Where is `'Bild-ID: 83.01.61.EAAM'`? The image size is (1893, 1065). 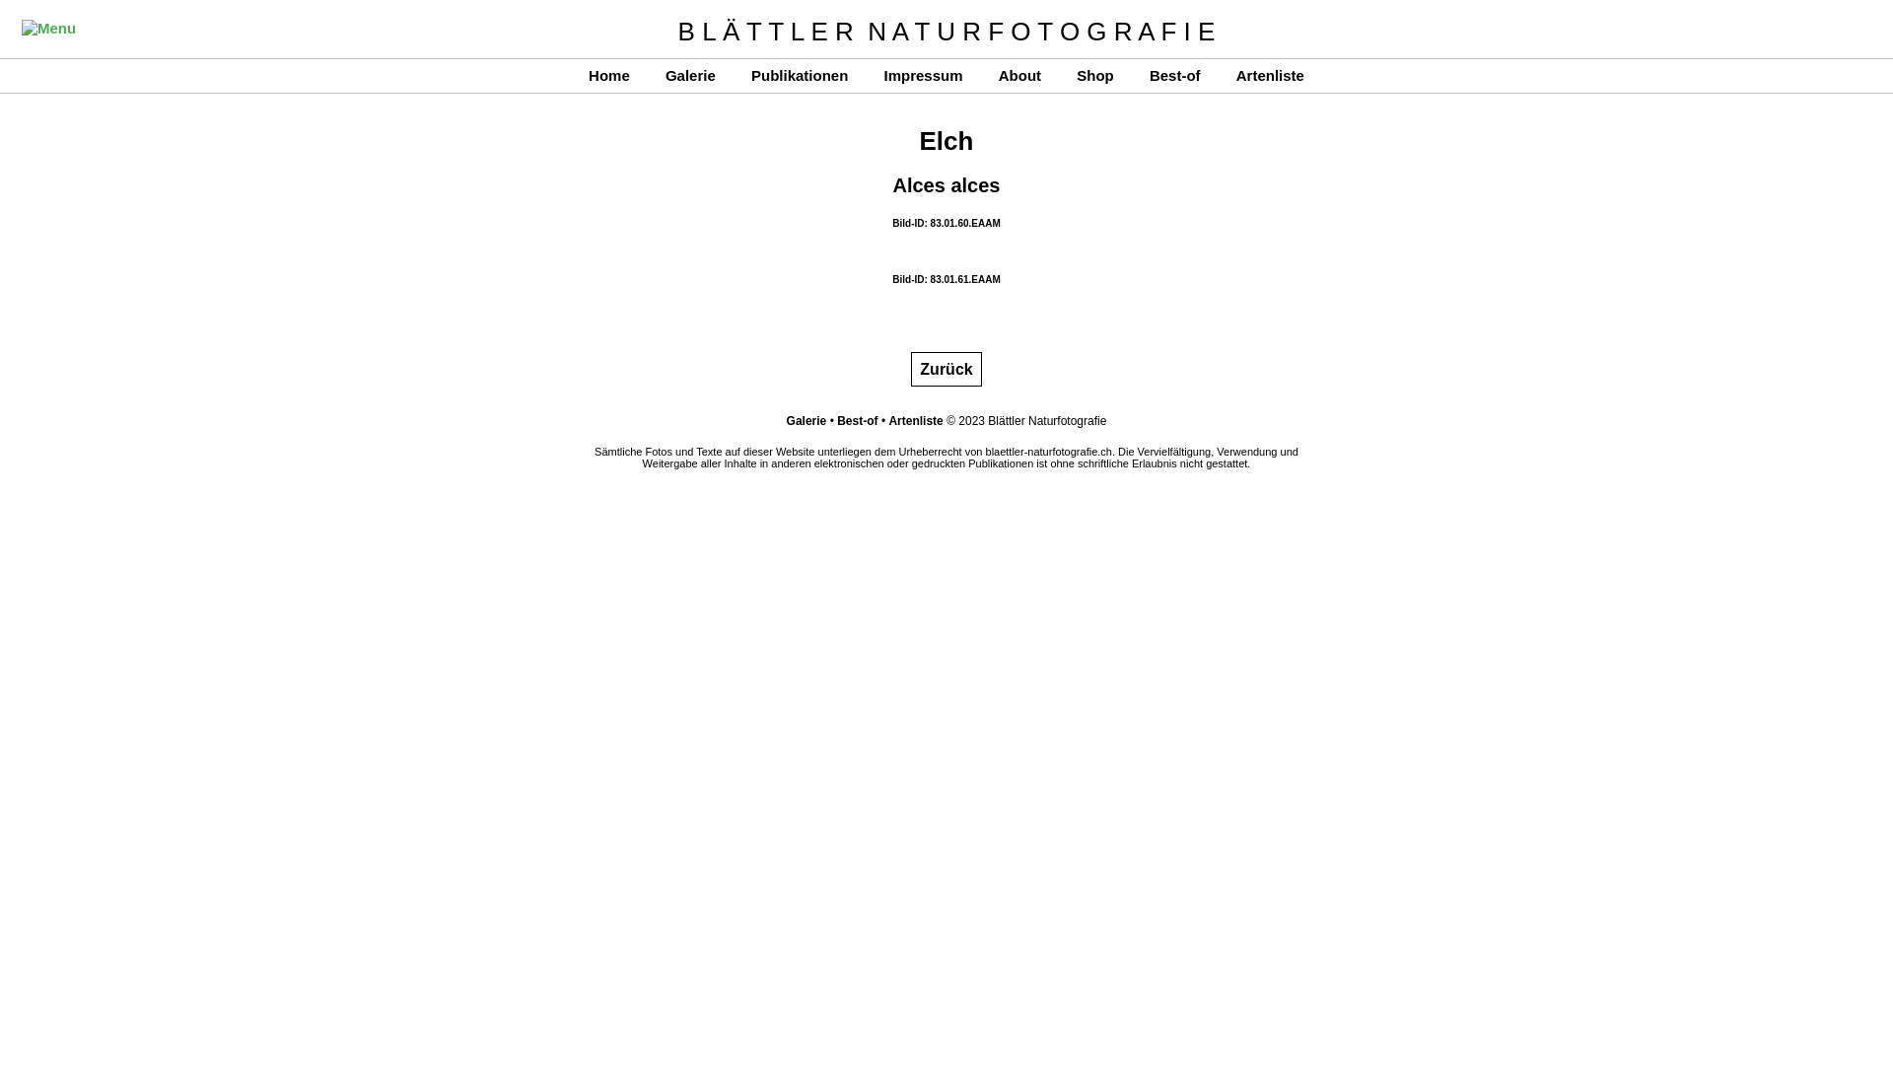 'Bild-ID: 83.01.61.EAAM' is located at coordinates (891, 279).